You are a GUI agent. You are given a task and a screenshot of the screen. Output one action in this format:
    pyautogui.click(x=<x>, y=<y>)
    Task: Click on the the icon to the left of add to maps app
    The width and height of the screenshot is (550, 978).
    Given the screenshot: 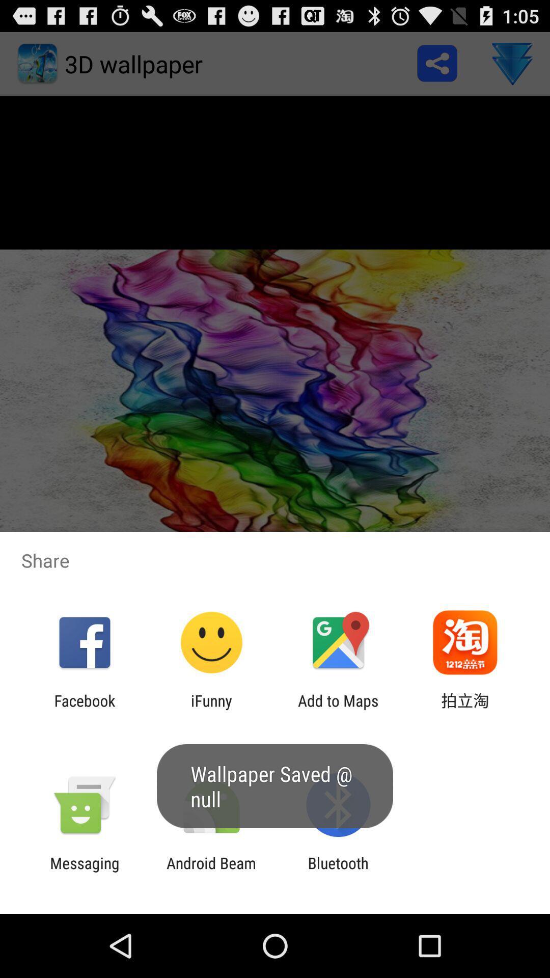 What is the action you would take?
    pyautogui.click(x=211, y=709)
    